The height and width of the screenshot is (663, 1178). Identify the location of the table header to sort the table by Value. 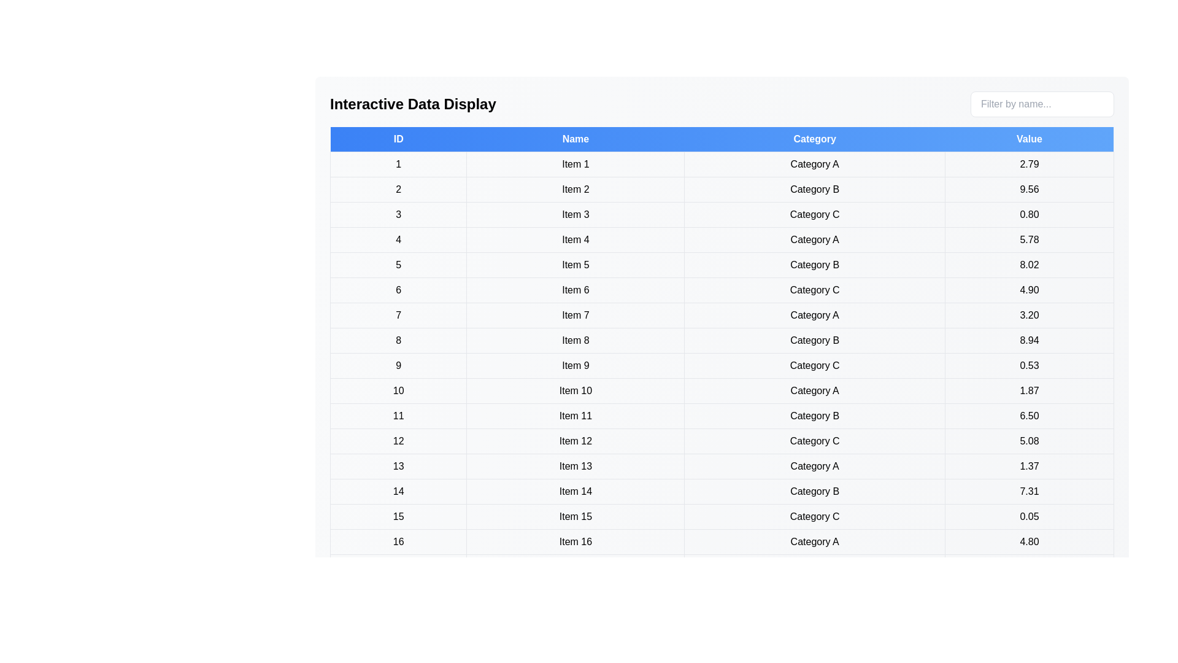
(1029, 139).